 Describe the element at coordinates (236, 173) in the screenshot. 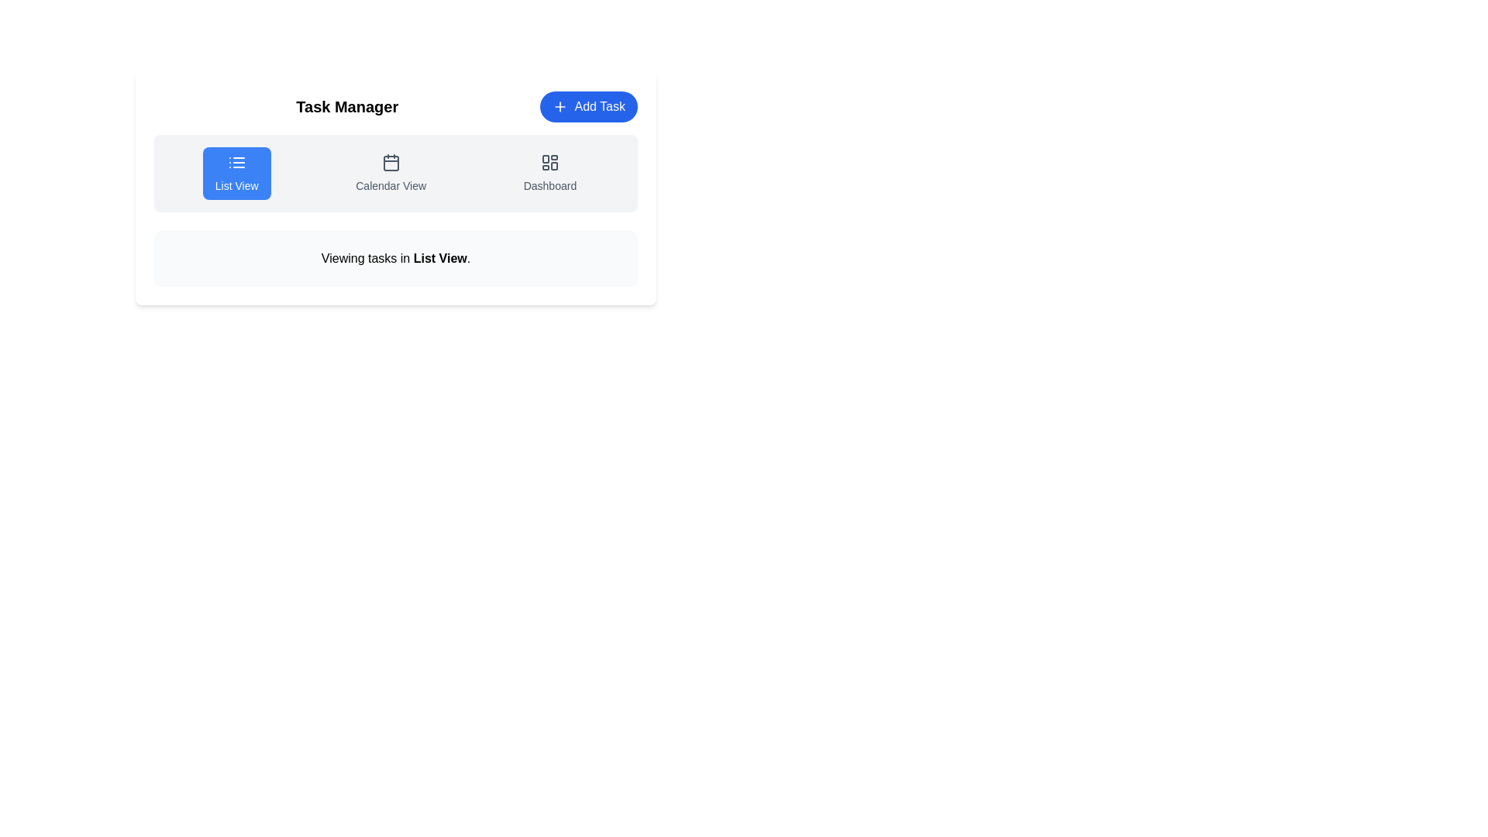

I see `the button on the left side of a group of three buttons` at that location.